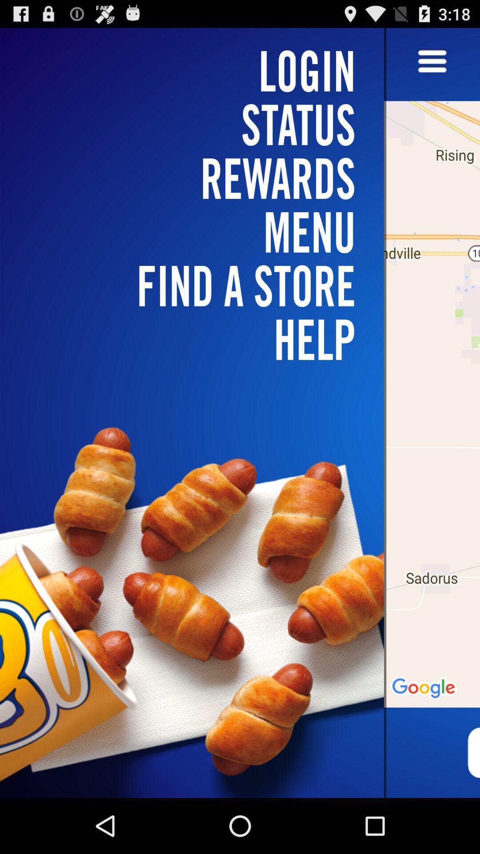  I want to click on open menu, so click(432, 61).